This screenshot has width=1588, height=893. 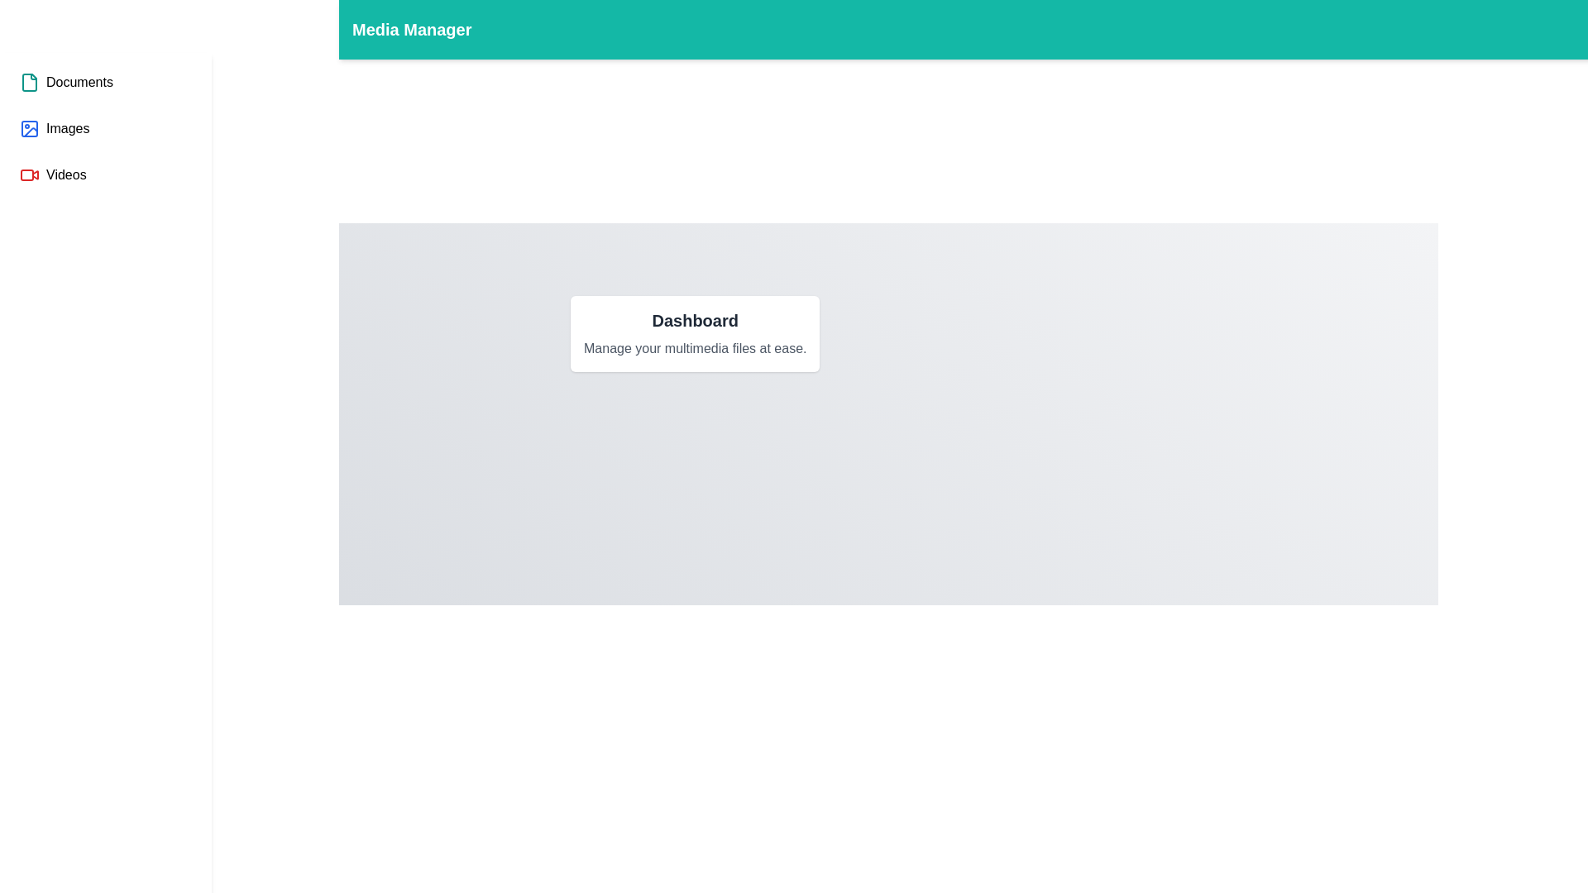 What do you see at coordinates (53, 175) in the screenshot?
I see `the Navigation link located in the third row of the vertical list in the sidebar menu` at bounding box center [53, 175].